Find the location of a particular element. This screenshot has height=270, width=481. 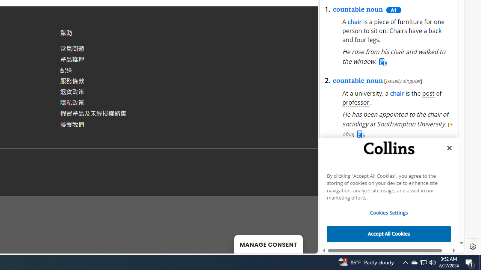

'Cookies Settings' is located at coordinates (389, 213).